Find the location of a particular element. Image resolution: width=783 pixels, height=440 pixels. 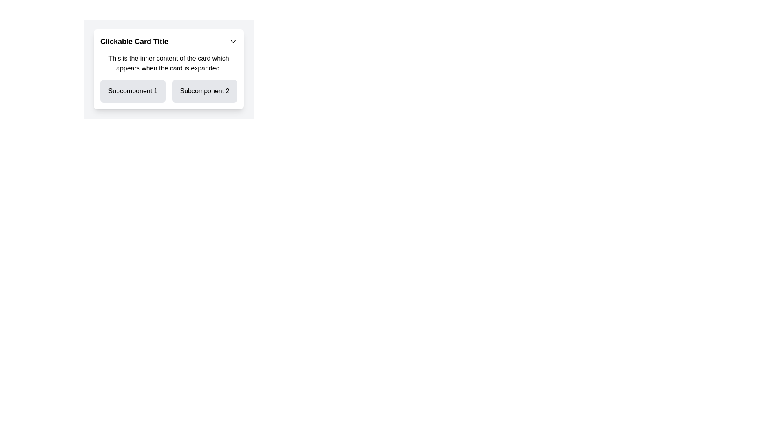

the chevron icon located at the far-right end of the header of the card titled 'Clickable Card Title' is located at coordinates (232, 41).